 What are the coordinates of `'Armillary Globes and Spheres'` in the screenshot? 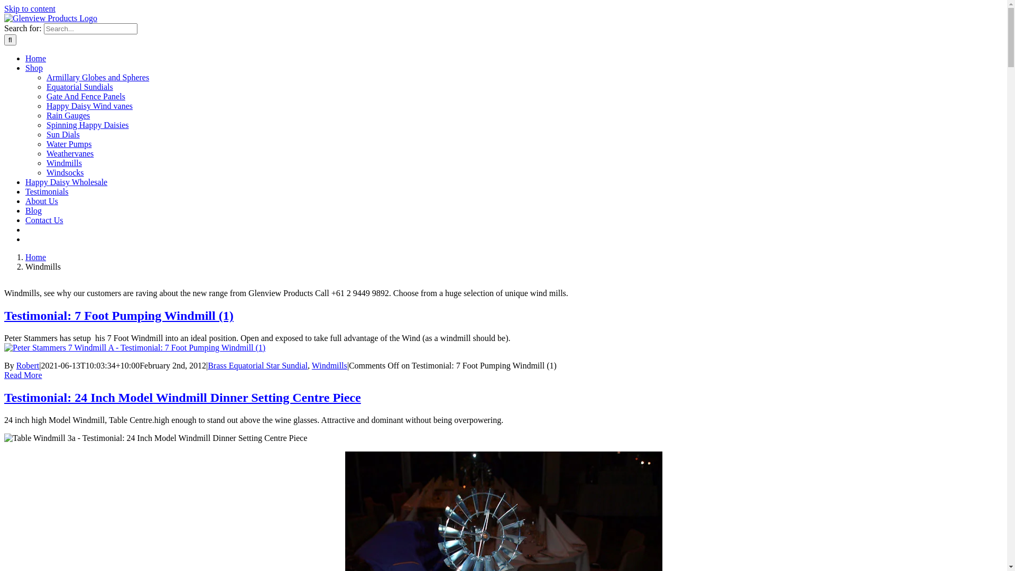 It's located at (98, 77).